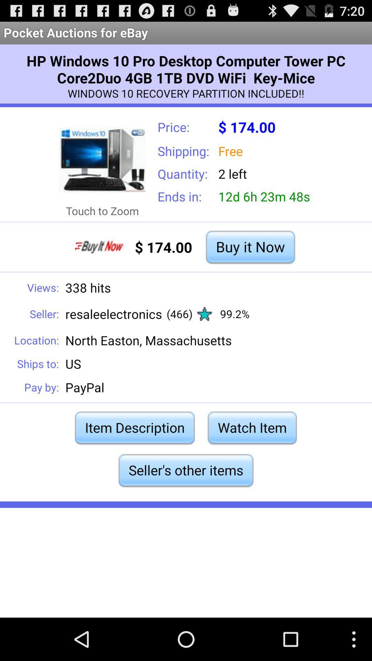 The width and height of the screenshot is (372, 661). Describe the element at coordinates (186, 470) in the screenshot. I see `seller s other icon` at that location.